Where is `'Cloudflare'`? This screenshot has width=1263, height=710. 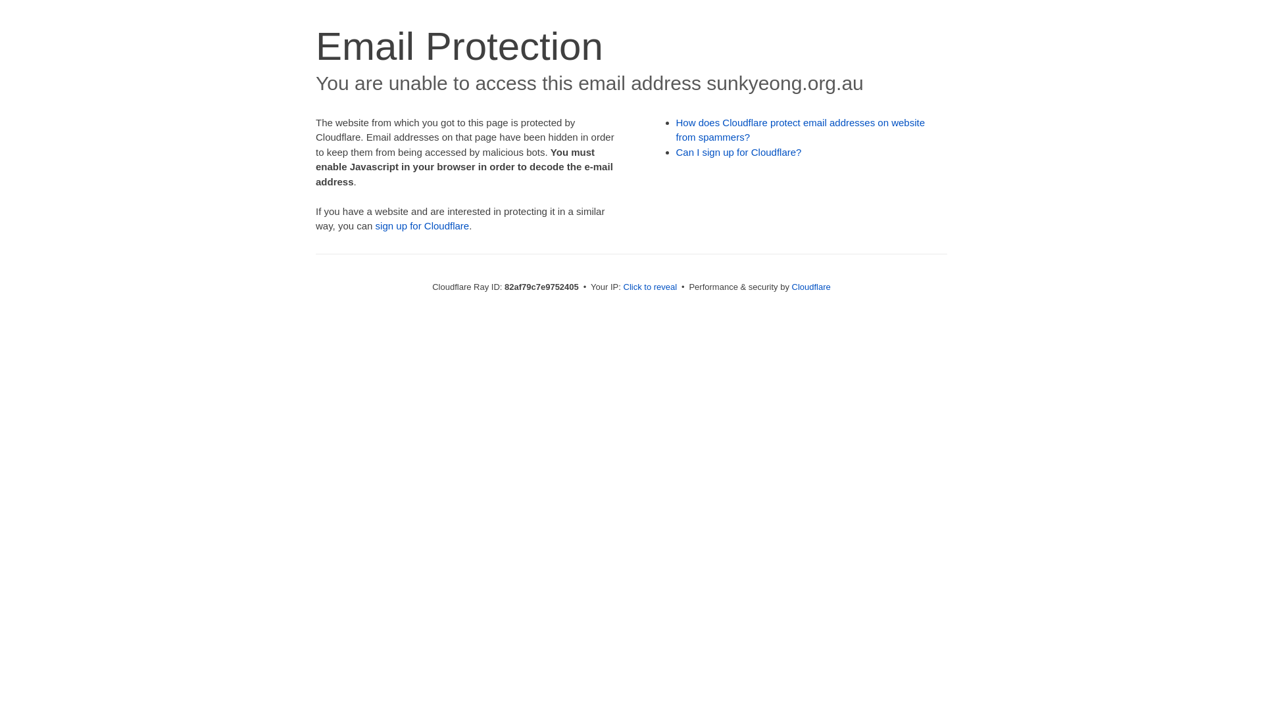
'Cloudflare' is located at coordinates (810, 286).